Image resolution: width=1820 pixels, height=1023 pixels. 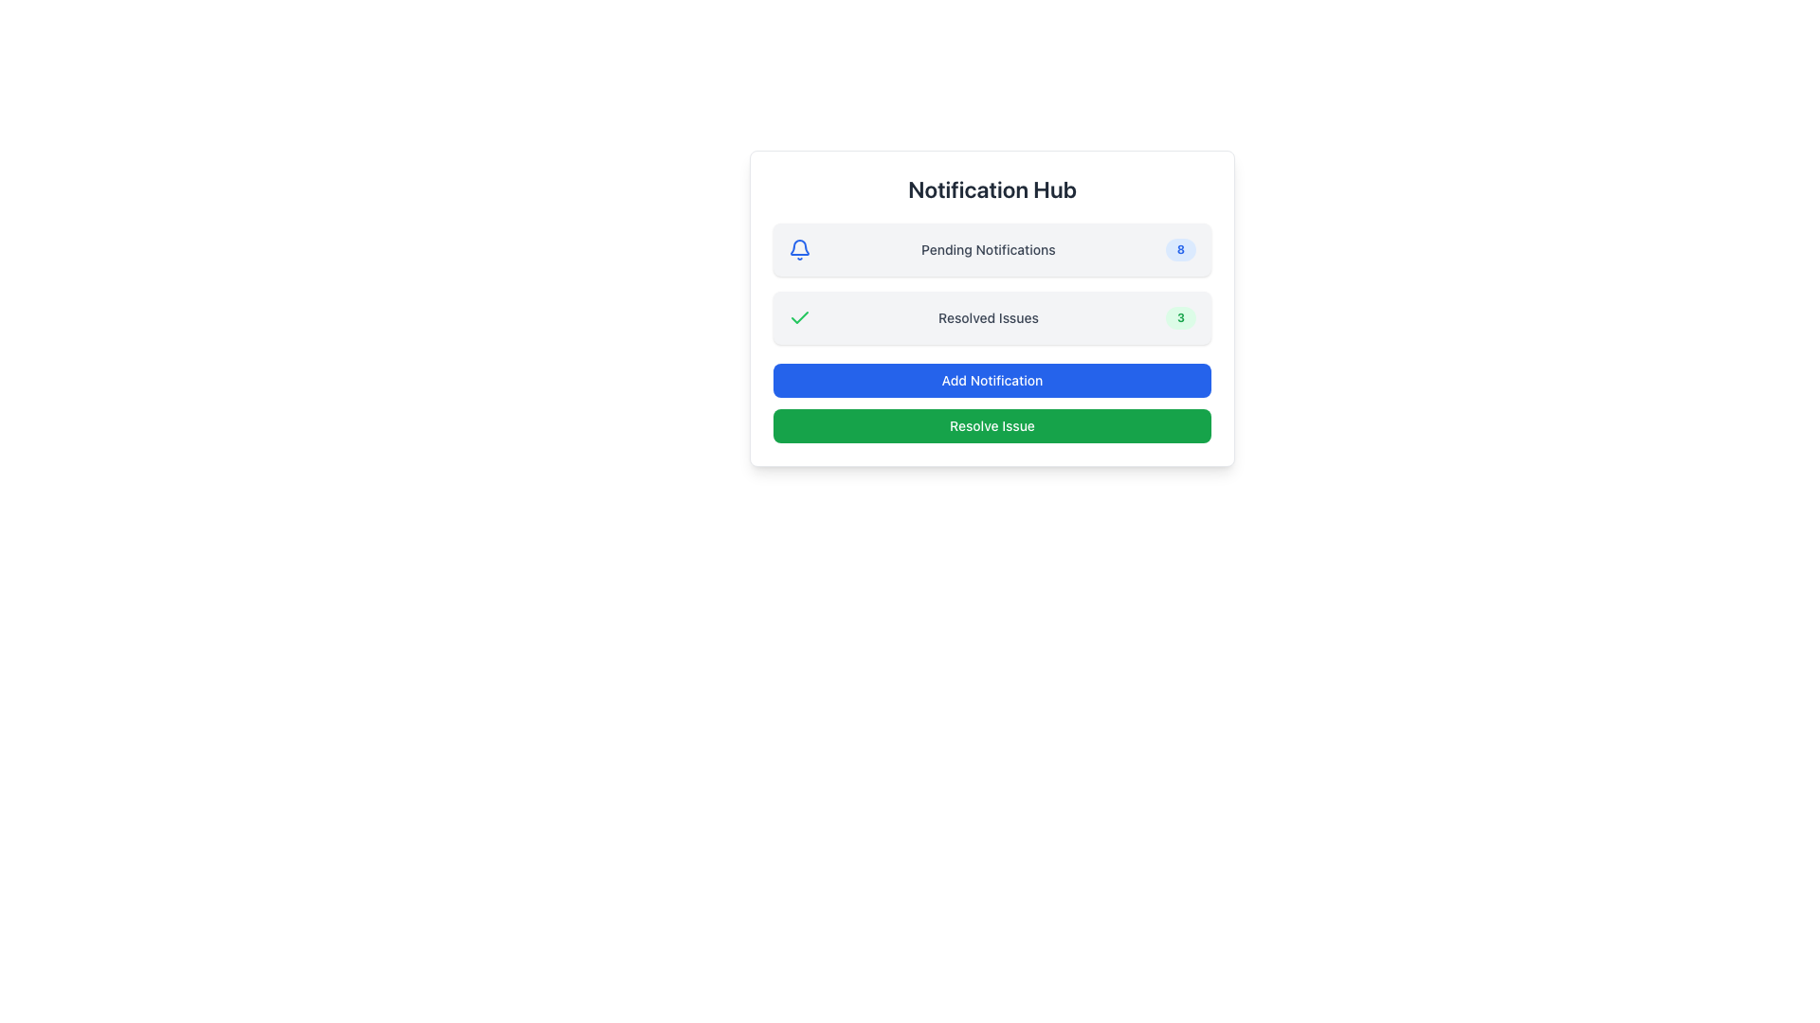 I want to click on the Badge or Label that indicates the number of resolved issues, located at the top-right corner of the 'Resolved Issues' section, so click(x=1179, y=316).